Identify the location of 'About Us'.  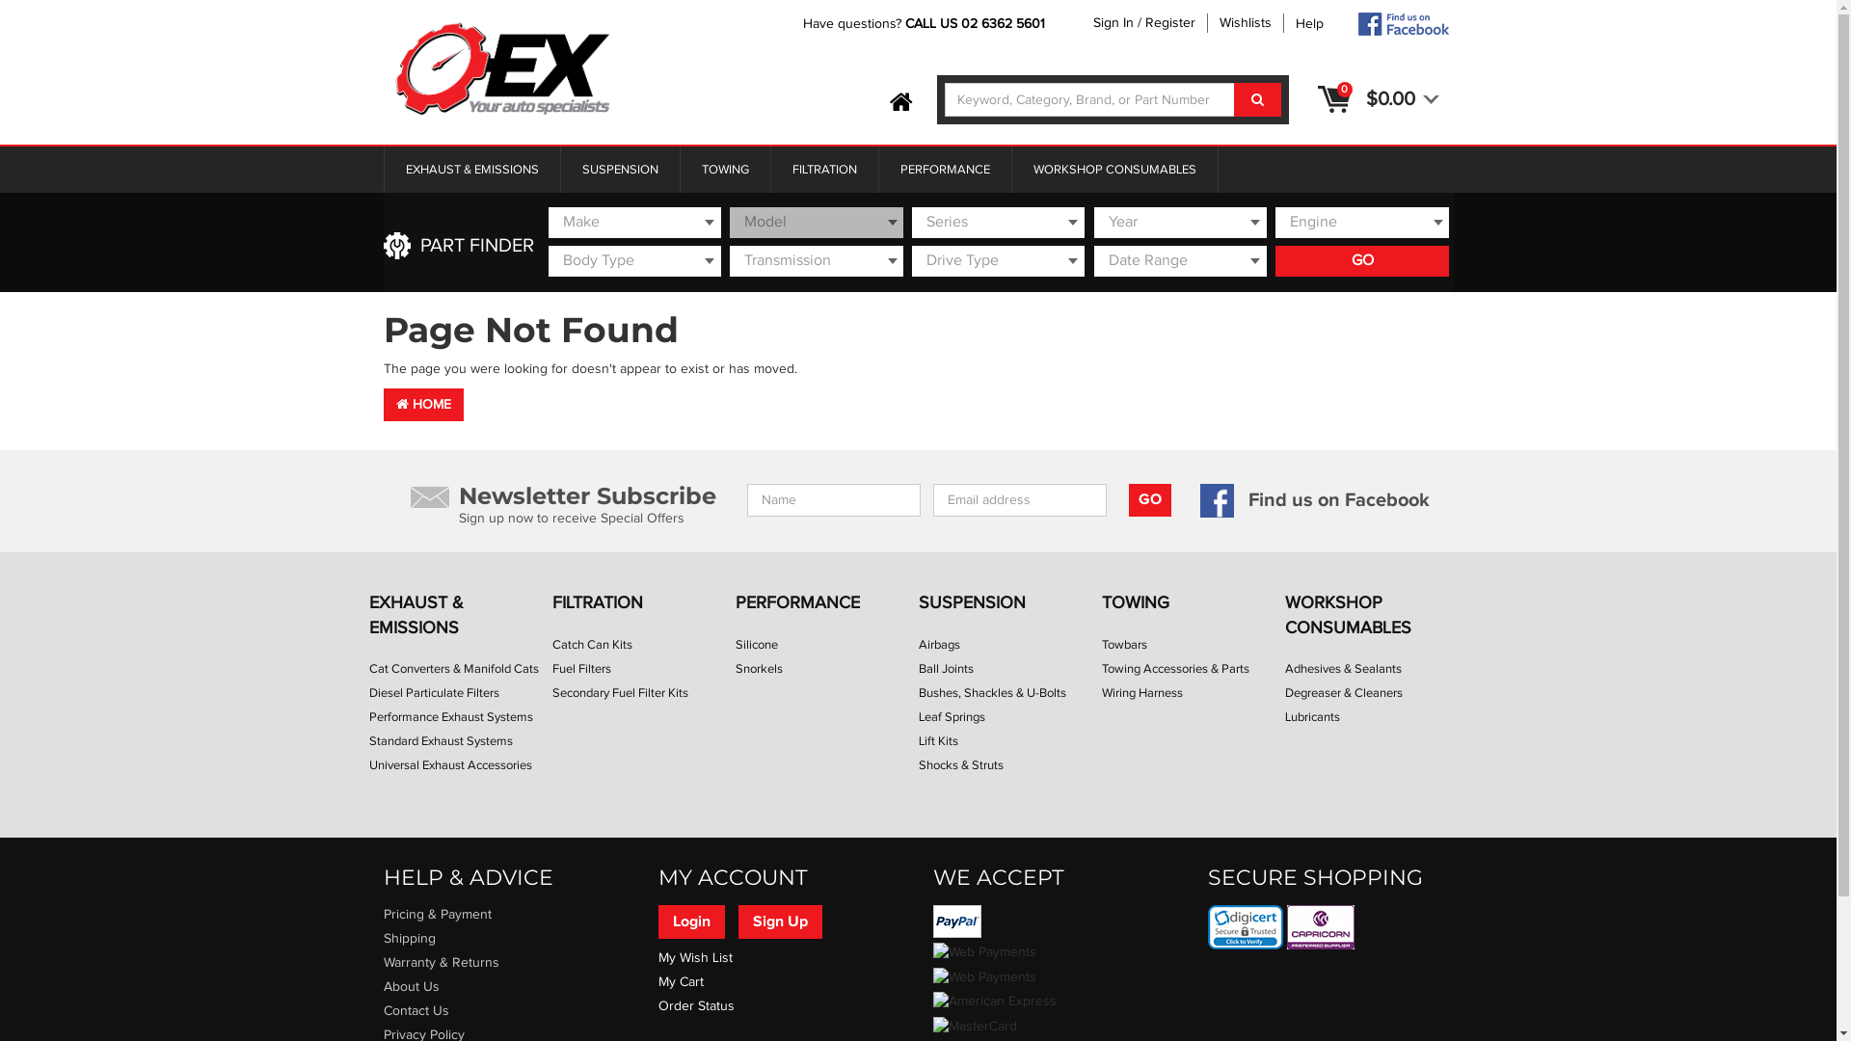
(384, 986).